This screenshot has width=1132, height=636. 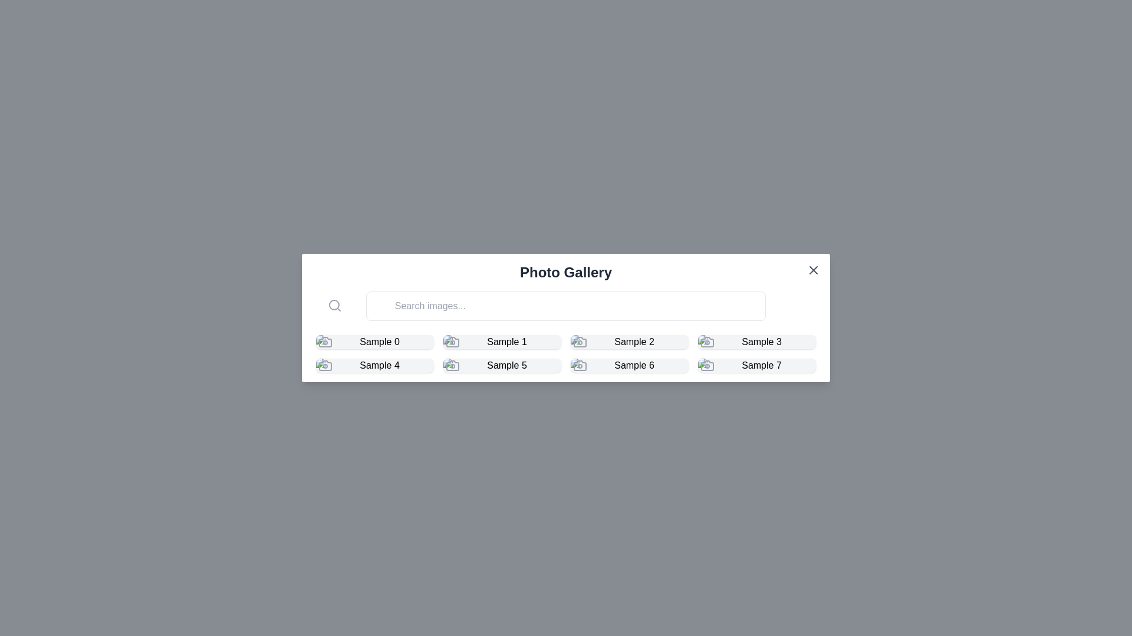 What do you see at coordinates (452, 342) in the screenshot?
I see `the graphic icon or image placeholder labeled 'Sample 1' within the photo gallery interface` at bounding box center [452, 342].